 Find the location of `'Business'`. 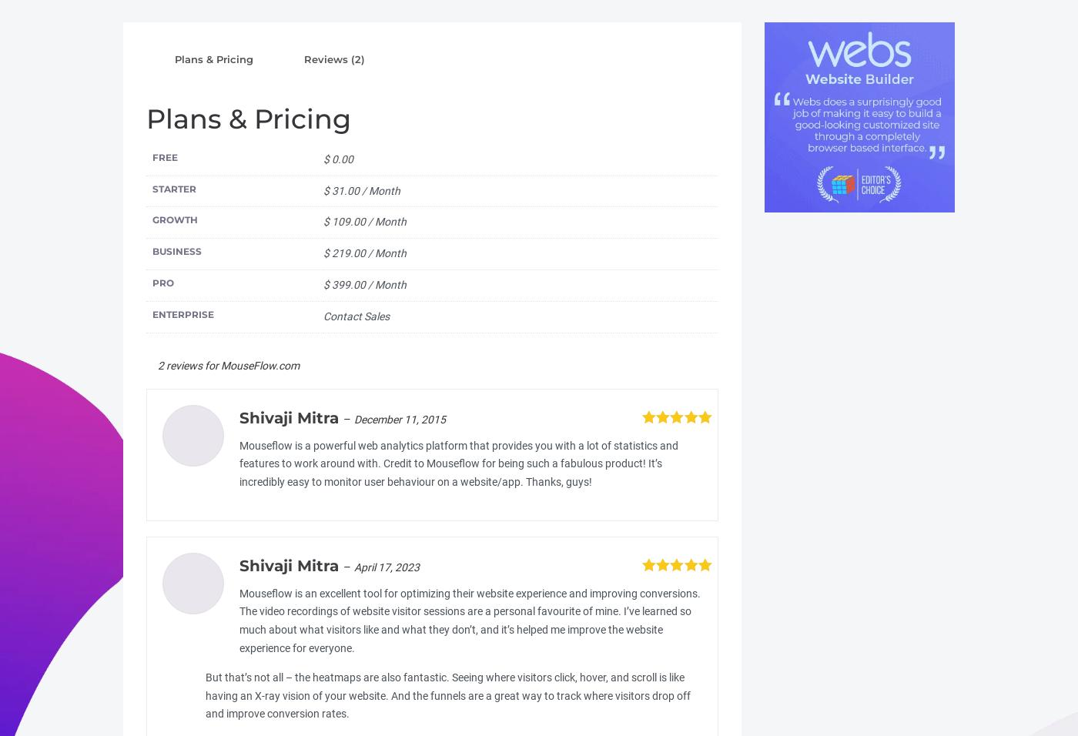

'Business' is located at coordinates (177, 250).